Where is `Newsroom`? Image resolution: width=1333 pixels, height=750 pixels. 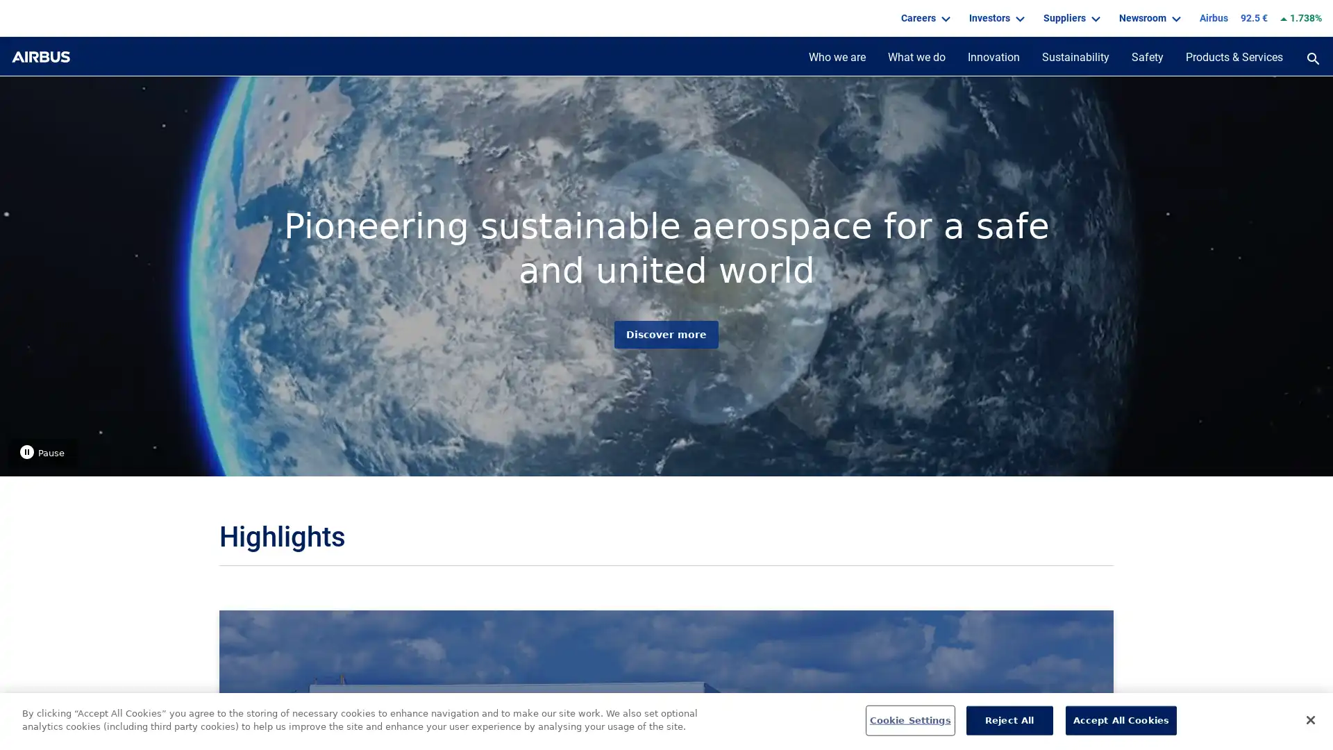 Newsroom is located at coordinates (1148, 18).